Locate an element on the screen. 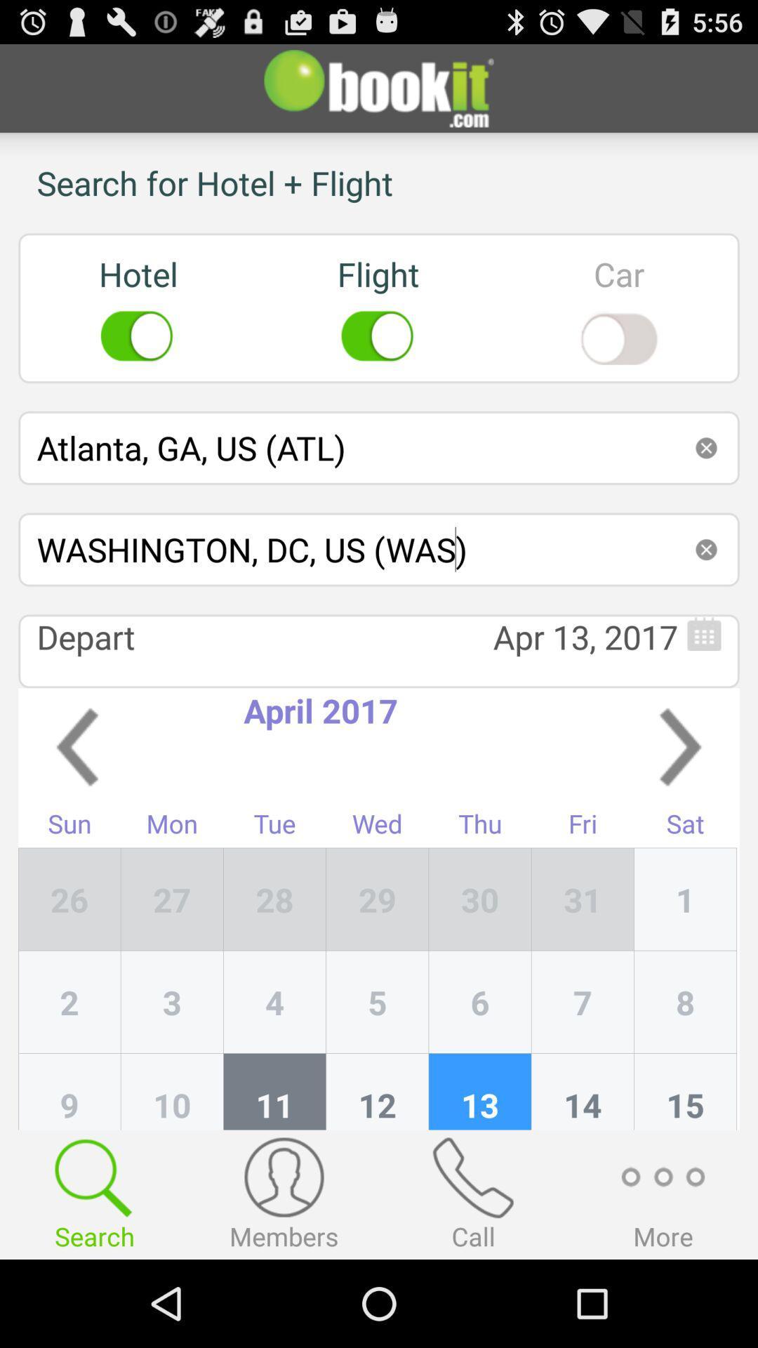 This screenshot has width=758, height=1348. the item below the 2 item is located at coordinates (171, 1091).